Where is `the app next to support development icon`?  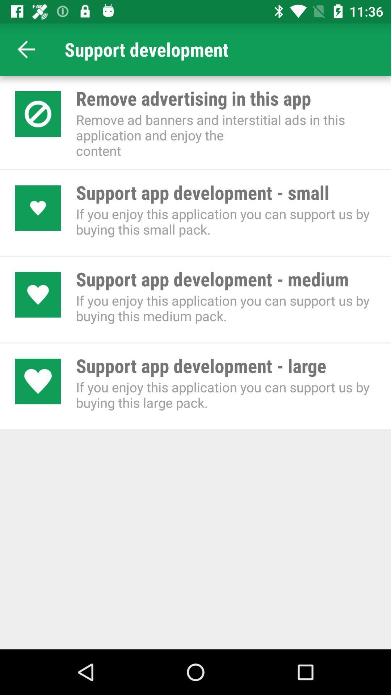 the app next to support development icon is located at coordinates (26, 49).